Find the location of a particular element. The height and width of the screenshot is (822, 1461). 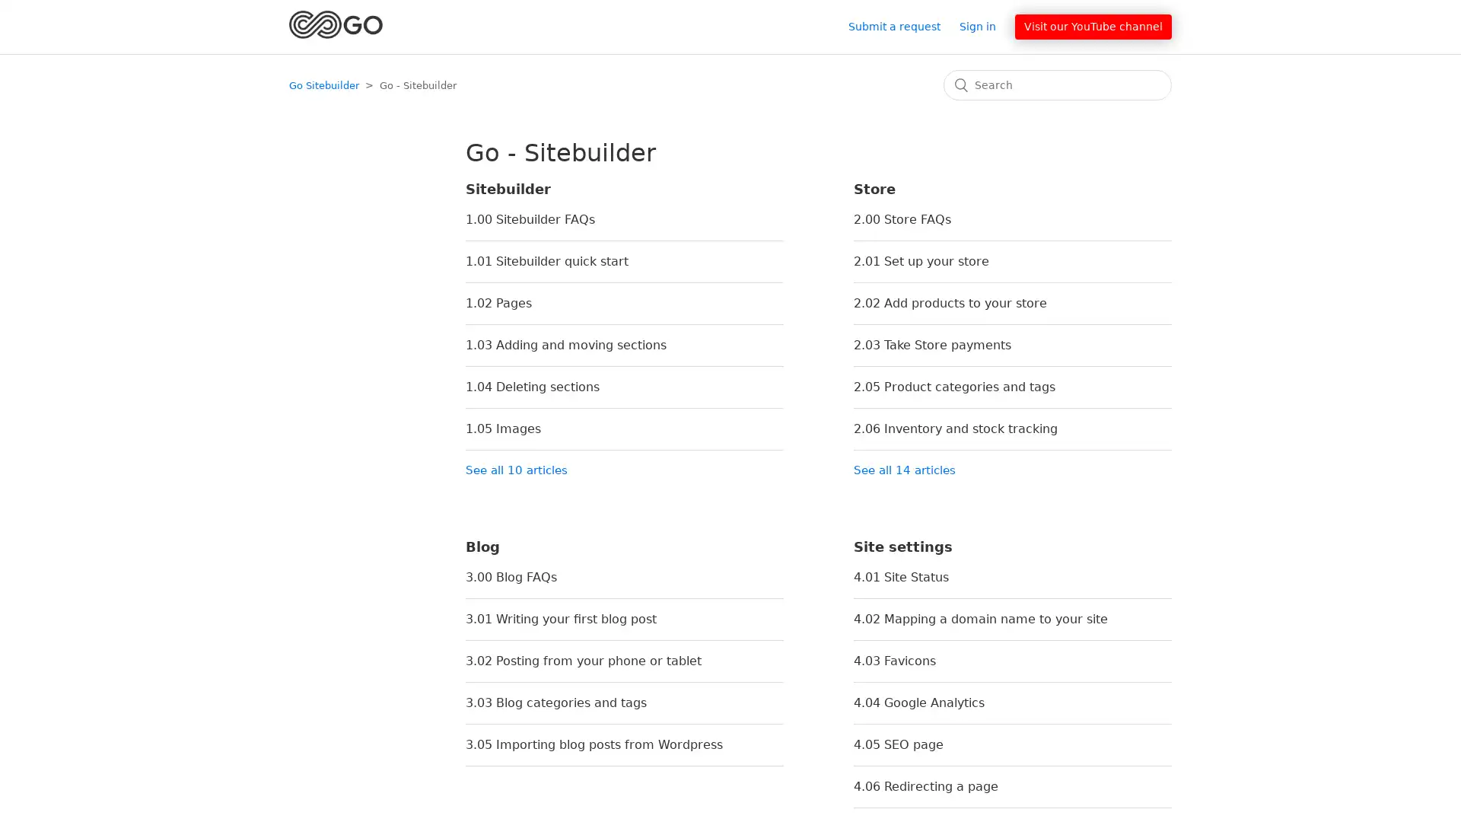

Sign in is located at coordinates (985, 26).